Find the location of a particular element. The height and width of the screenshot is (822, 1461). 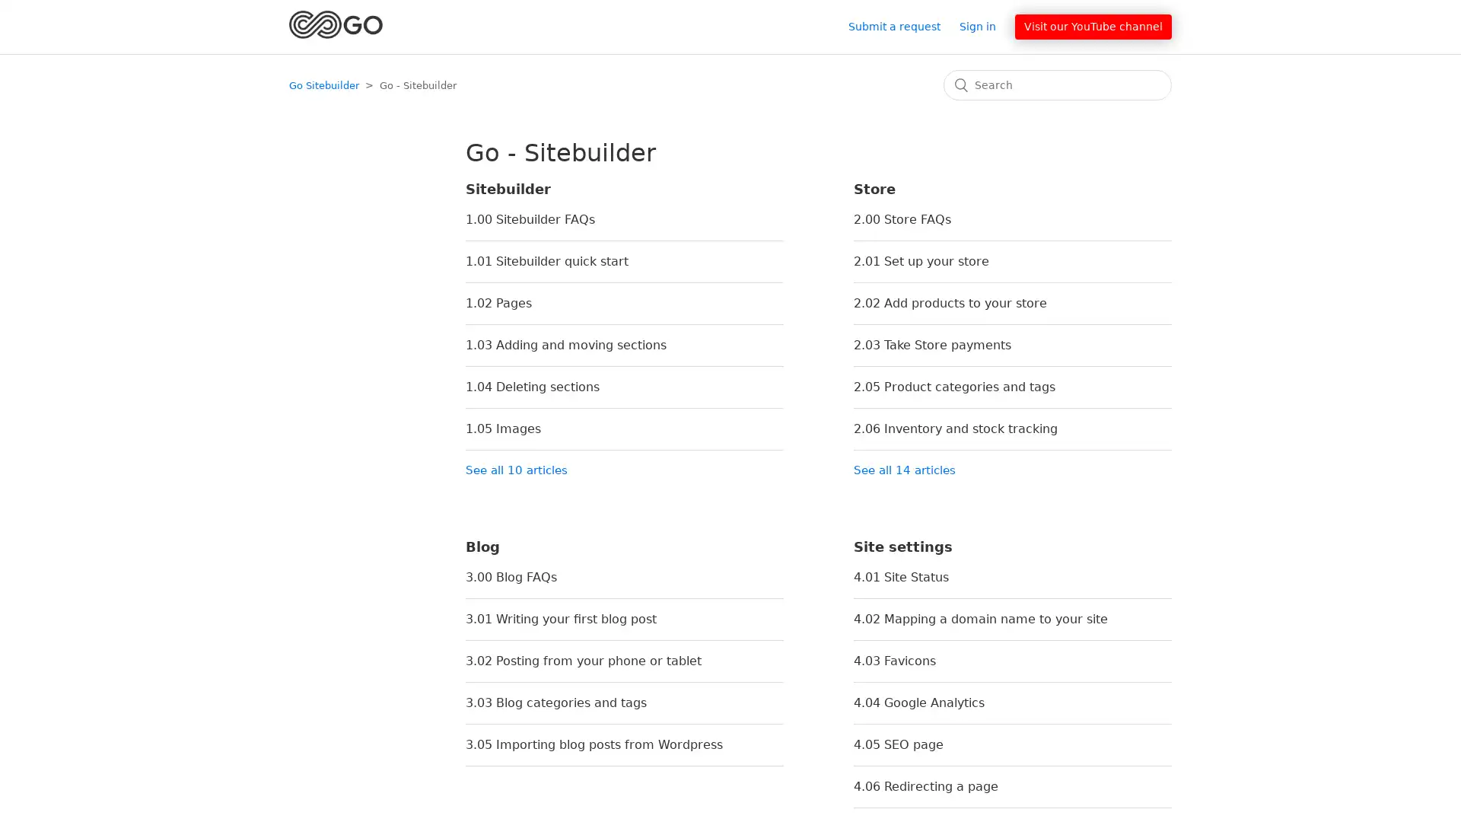

Sign in is located at coordinates (985, 26).